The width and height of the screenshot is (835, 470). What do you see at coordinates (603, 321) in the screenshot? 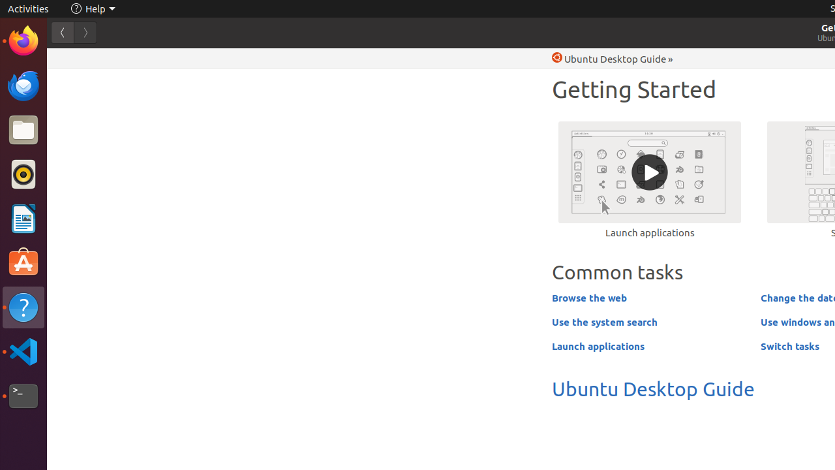
I see `'Use the system search'` at bounding box center [603, 321].